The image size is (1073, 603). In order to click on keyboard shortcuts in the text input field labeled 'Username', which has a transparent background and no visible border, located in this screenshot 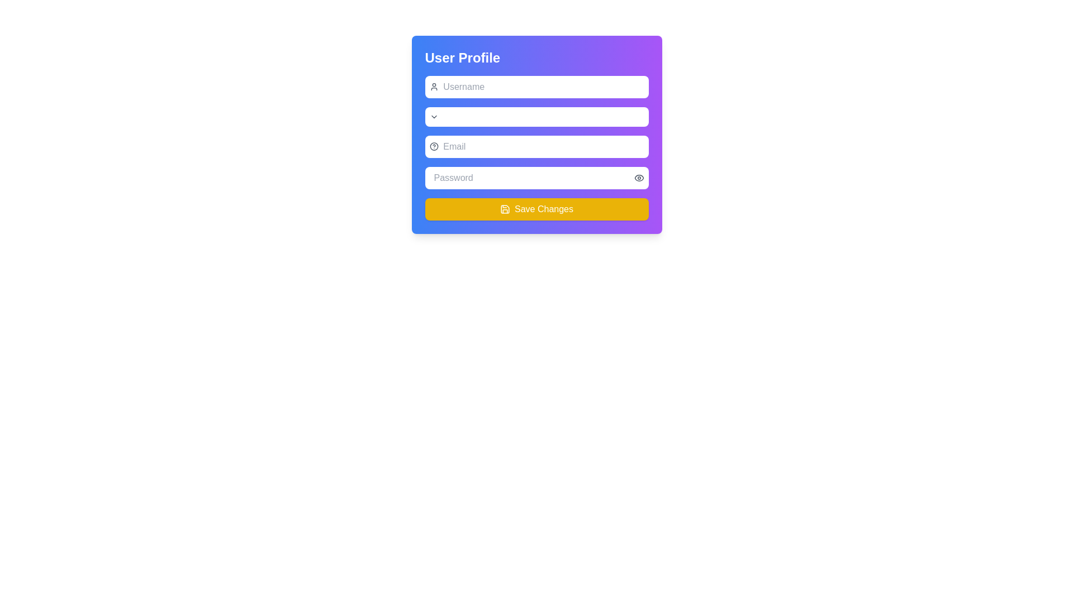, I will do `click(543, 86)`.